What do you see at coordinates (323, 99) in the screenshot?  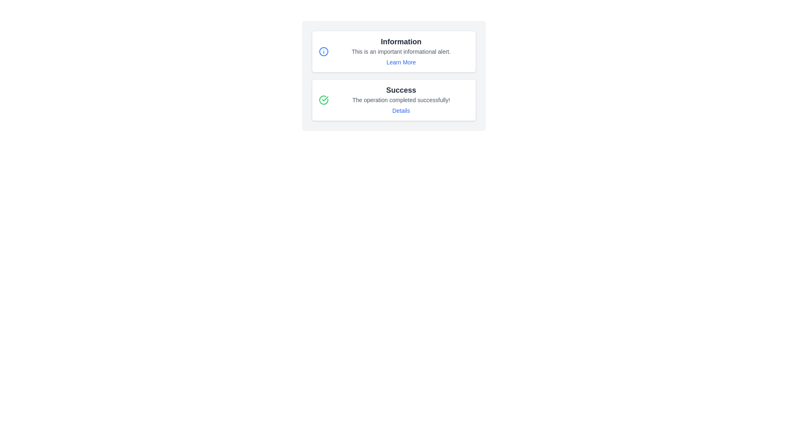 I see `the green circular icon with a checkmark, which indicates success, located next to the text 'Success' in the left section of the success notification card` at bounding box center [323, 99].